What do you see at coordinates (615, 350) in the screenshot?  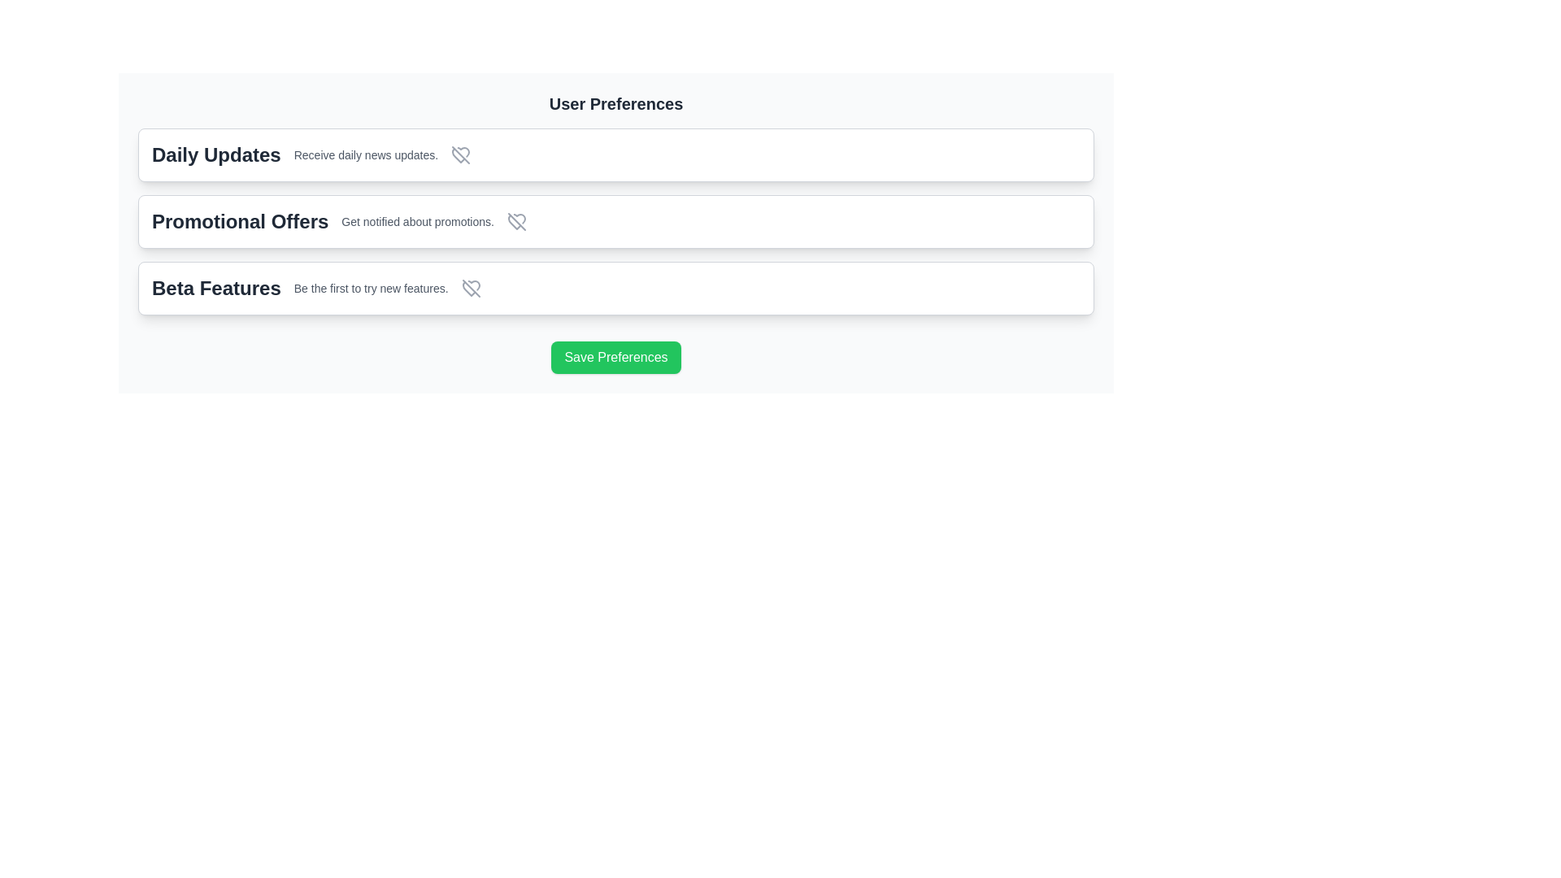 I see `the button located at the bottom of the 'User Preferences' section` at bounding box center [615, 350].